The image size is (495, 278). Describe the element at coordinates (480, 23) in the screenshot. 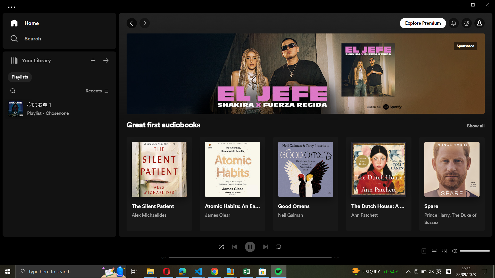

I see `Go to my account` at that location.